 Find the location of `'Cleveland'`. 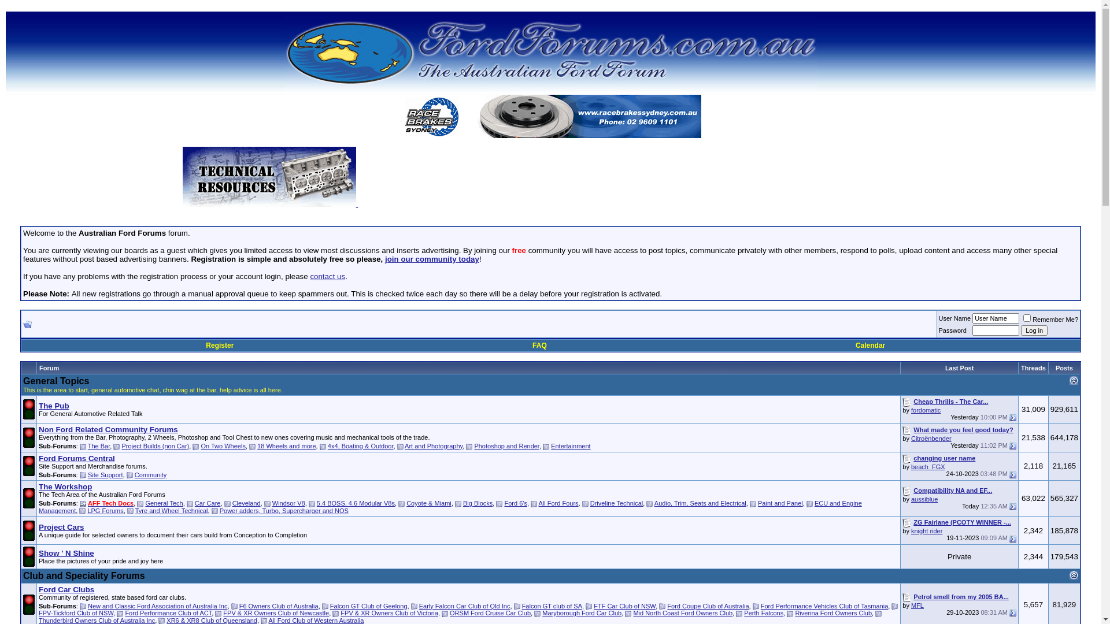

'Cleveland' is located at coordinates (246, 503).